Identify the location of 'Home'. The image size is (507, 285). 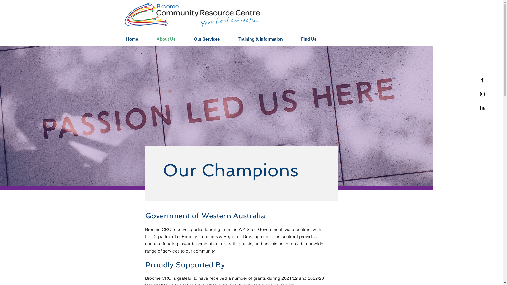
(121, 39).